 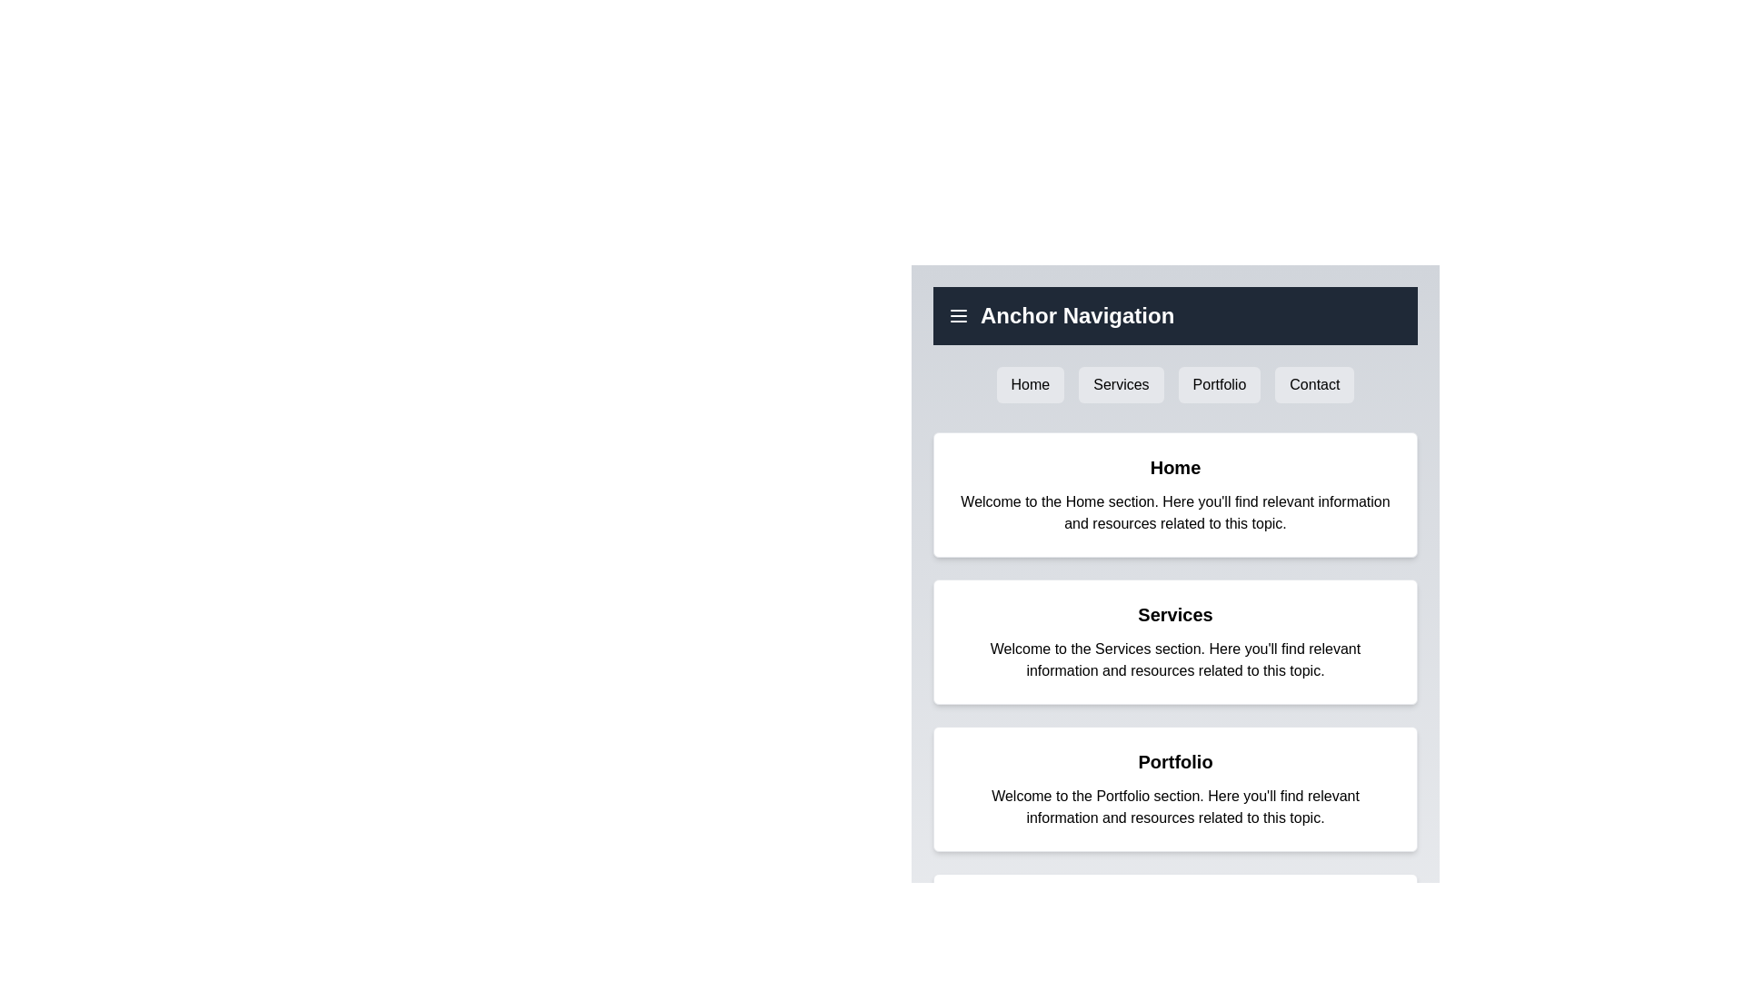 What do you see at coordinates (1175, 467) in the screenshot?
I see `the Label that serves as the title for the Home panel, located at the top section of the Home panel, immediately above a descriptive paragraph` at bounding box center [1175, 467].